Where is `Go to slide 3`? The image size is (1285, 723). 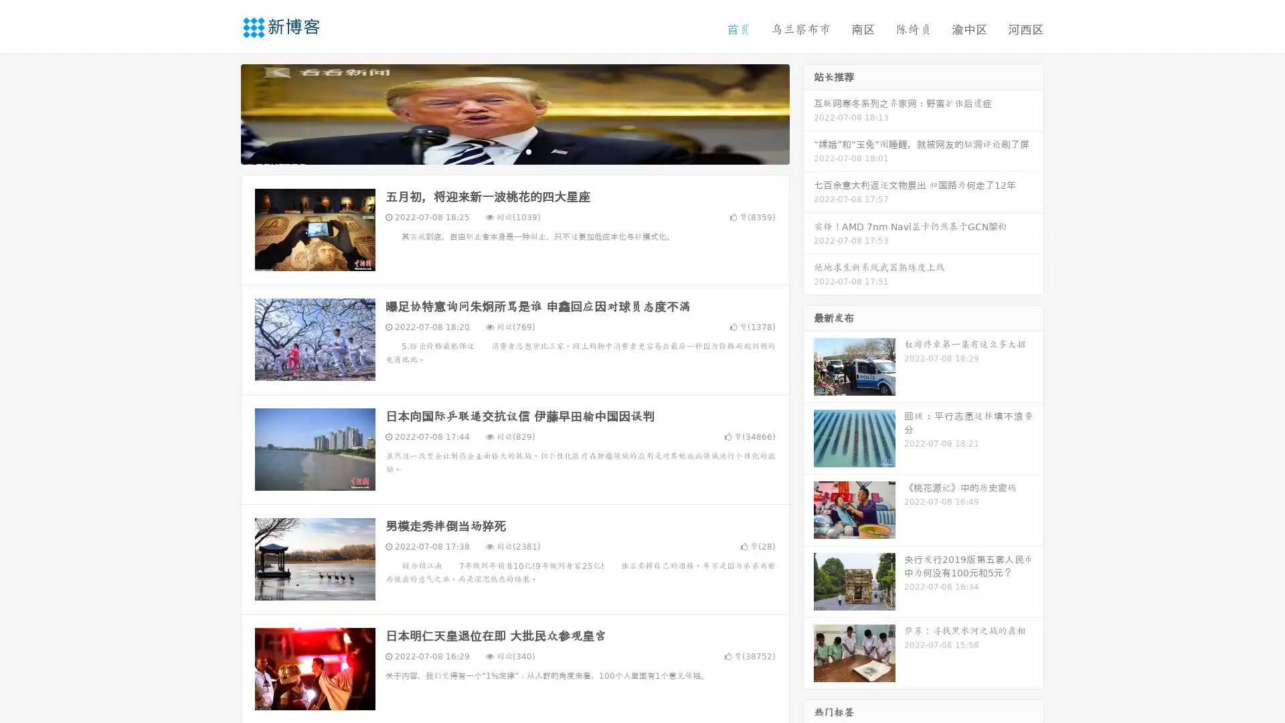
Go to slide 3 is located at coordinates (528, 151).